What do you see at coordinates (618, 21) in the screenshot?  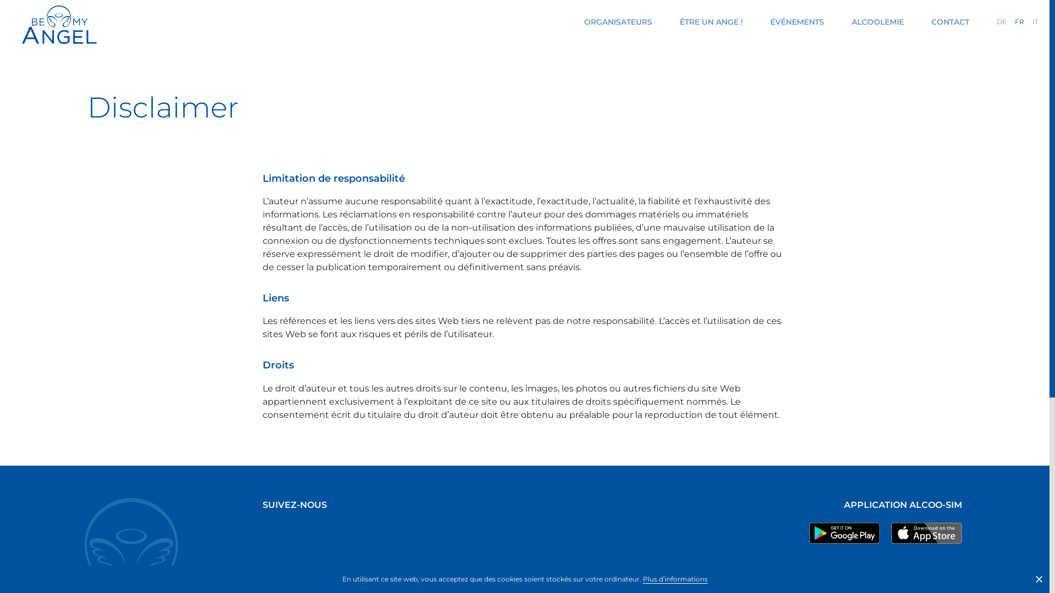 I see `'ORGANISATEURS'` at bounding box center [618, 21].